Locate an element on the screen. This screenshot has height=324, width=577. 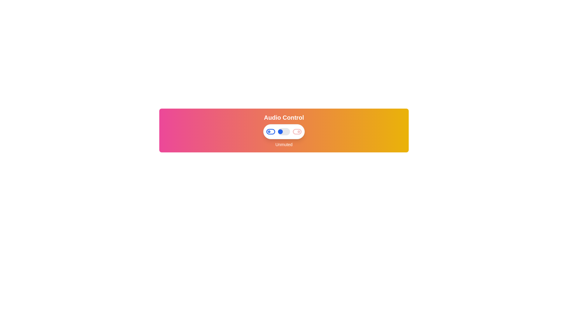
labels for current audio status on the 'Audio Control' card, which features a toggle switch and displays 'Unmuted' at the bottom is located at coordinates (284, 130).